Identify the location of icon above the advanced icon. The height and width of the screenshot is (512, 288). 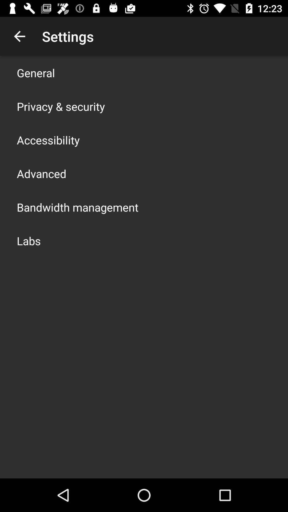
(48, 140).